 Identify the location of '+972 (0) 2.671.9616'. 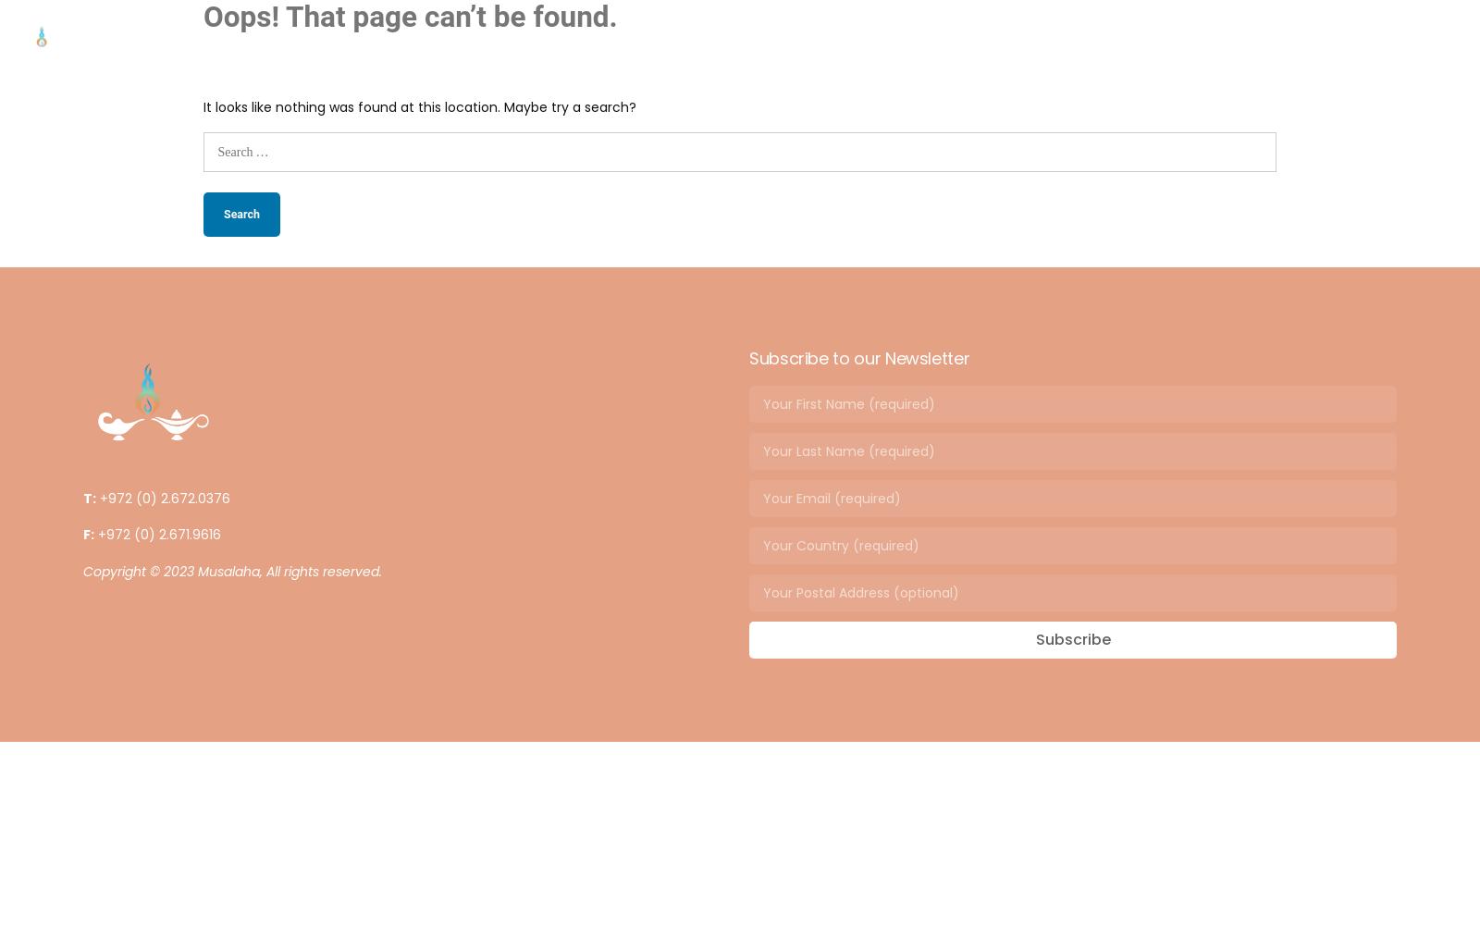
(156, 534).